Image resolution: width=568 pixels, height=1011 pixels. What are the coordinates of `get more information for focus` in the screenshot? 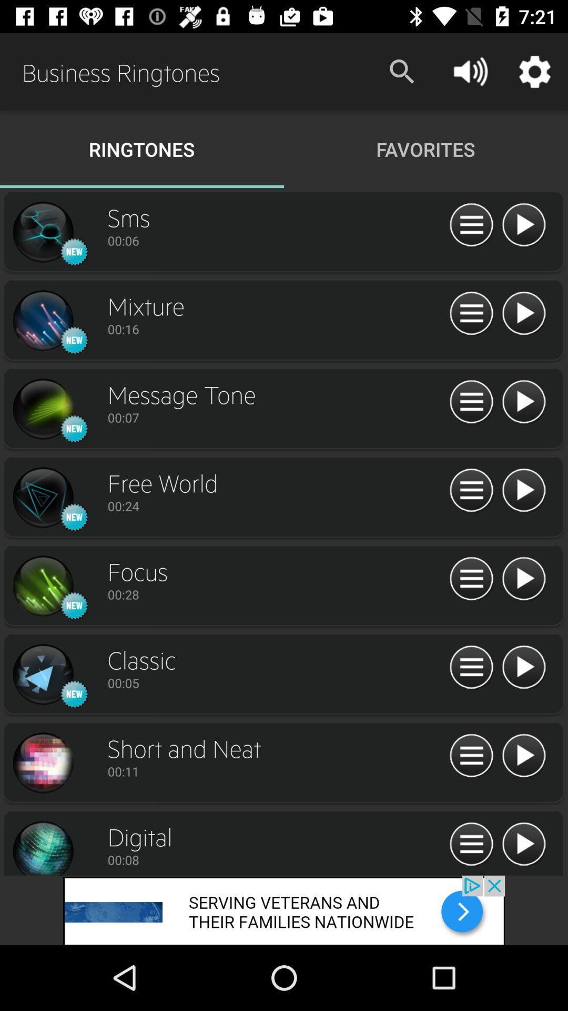 It's located at (471, 579).